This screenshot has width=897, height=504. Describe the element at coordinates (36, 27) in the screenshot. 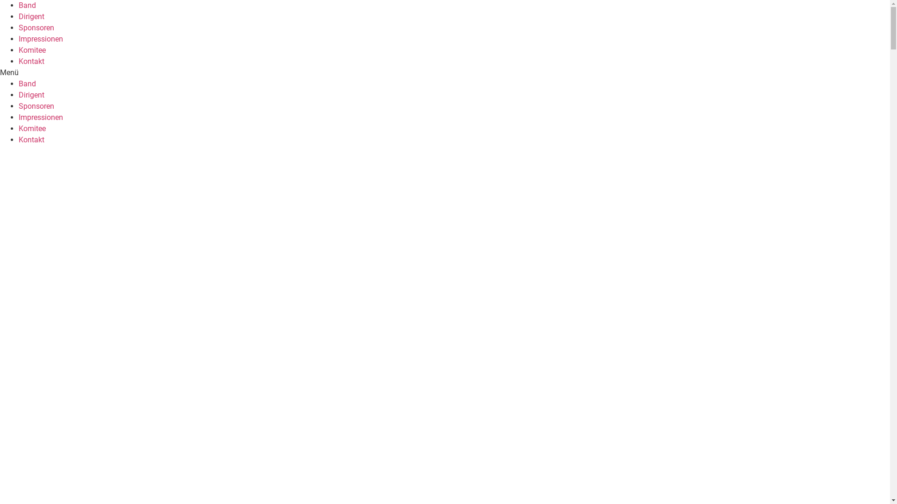

I see `'Sponsoren'` at that location.